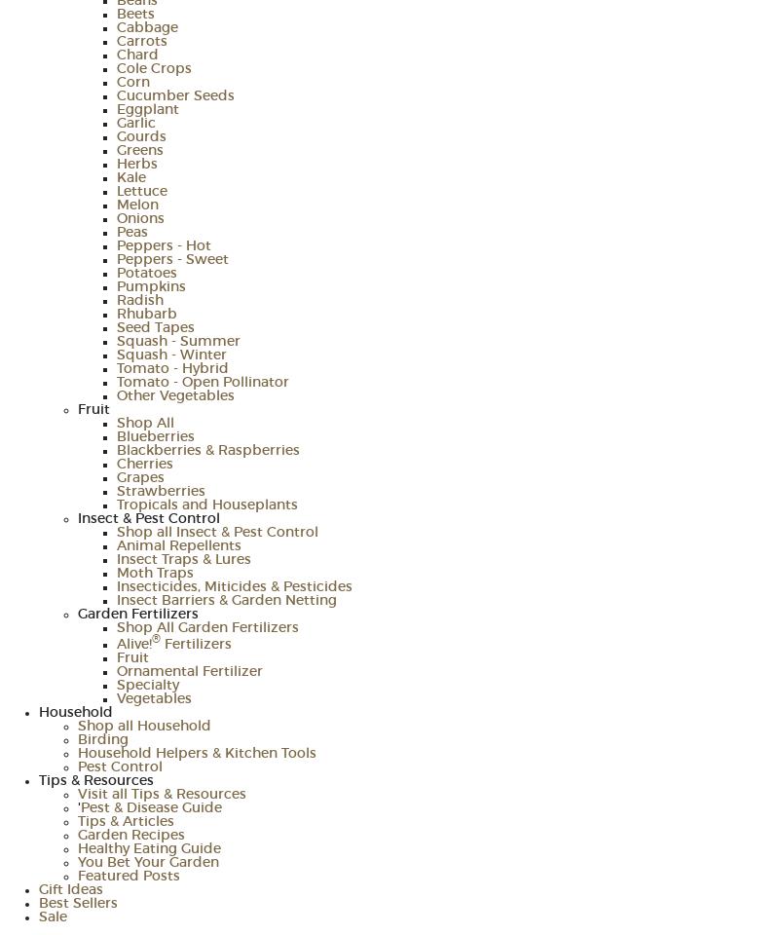  I want to click on 'Ornamental Fertilizer', so click(116, 672).